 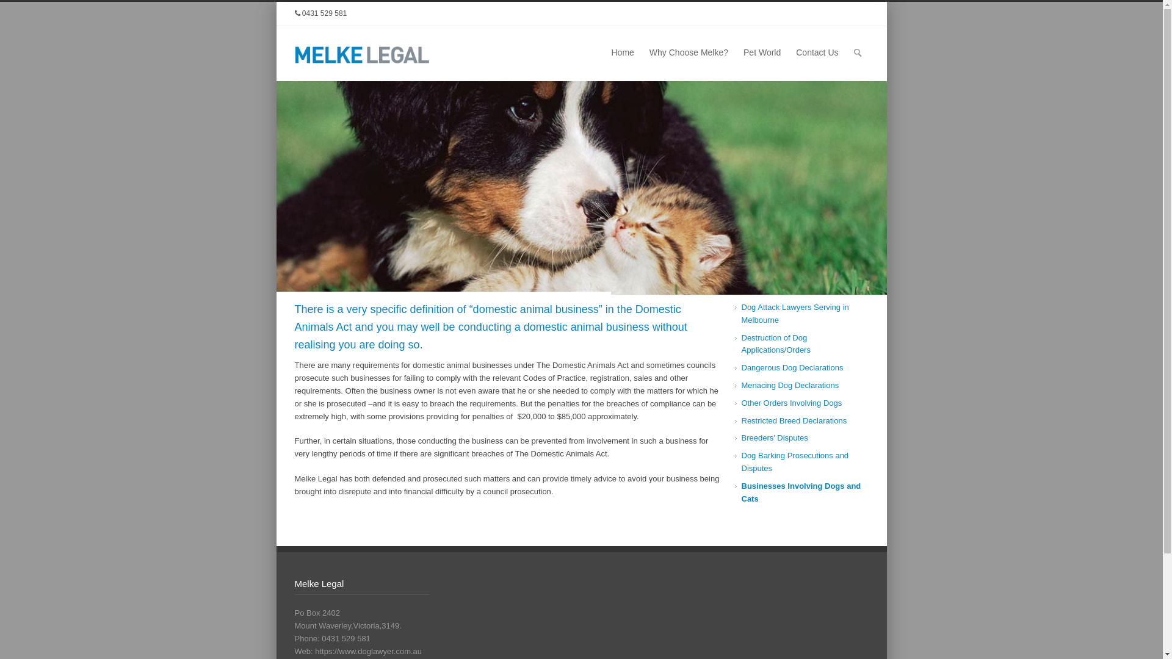 What do you see at coordinates (794, 461) in the screenshot?
I see `'Dog Barking Prosecutions and Disputes'` at bounding box center [794, 461].